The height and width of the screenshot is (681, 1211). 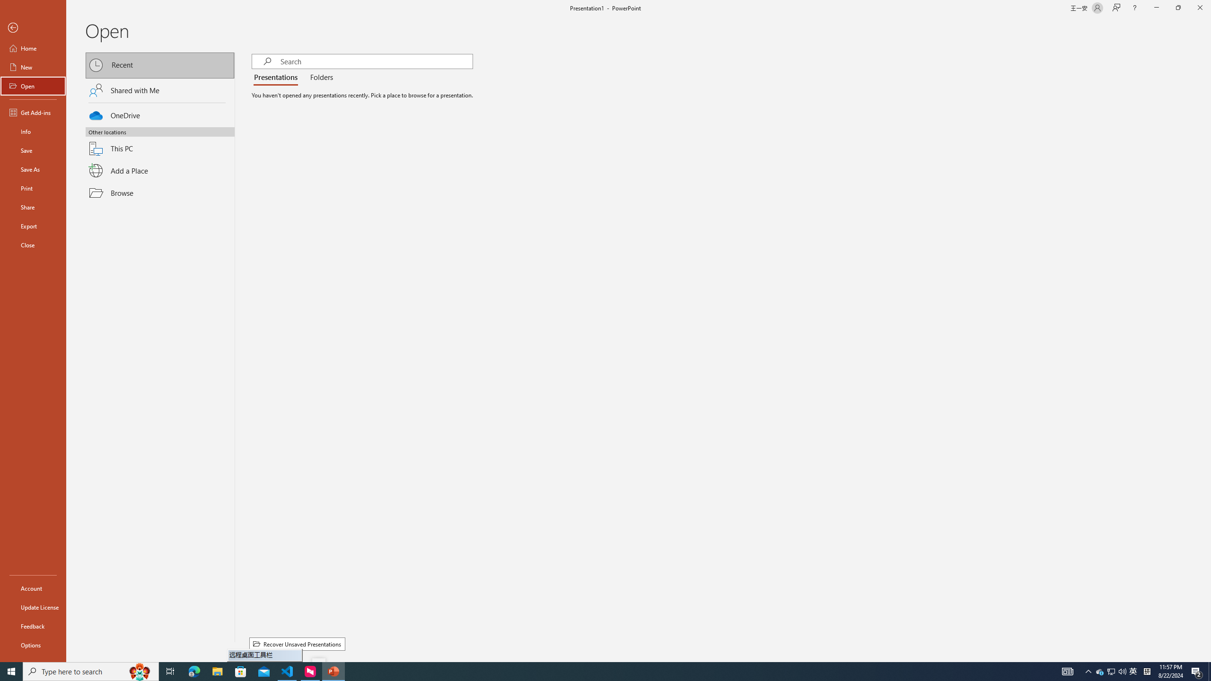 I want to click on 'This PC', so click(x=160, y=143).